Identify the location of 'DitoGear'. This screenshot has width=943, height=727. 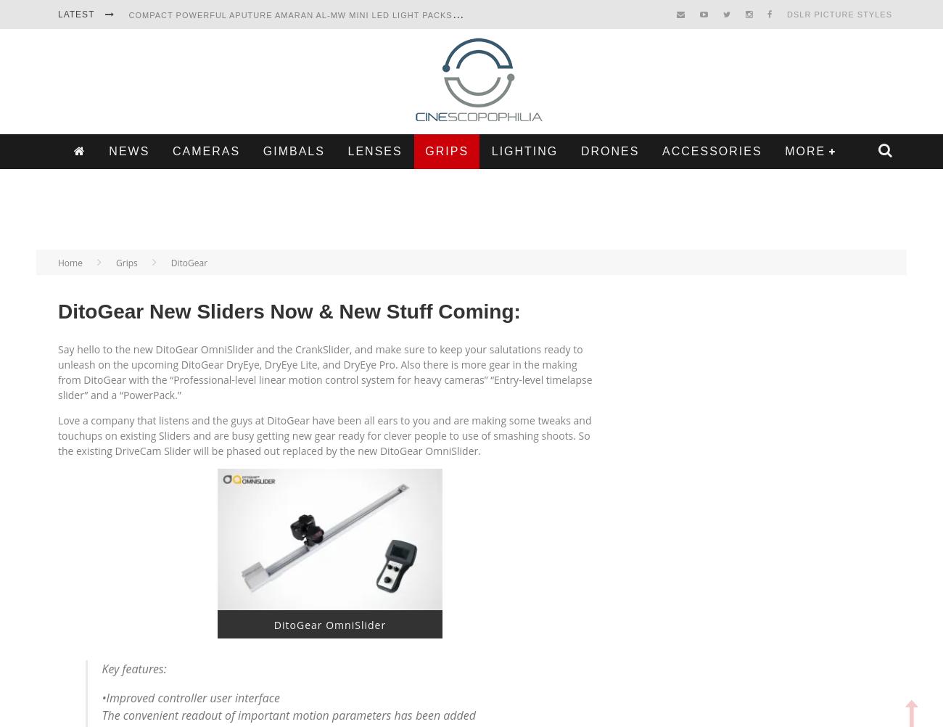
(188, 263).